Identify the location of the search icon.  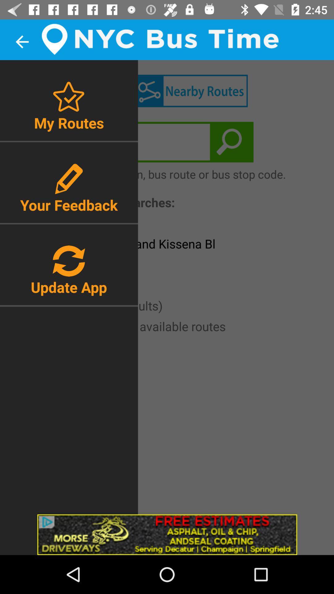
(232, 142).